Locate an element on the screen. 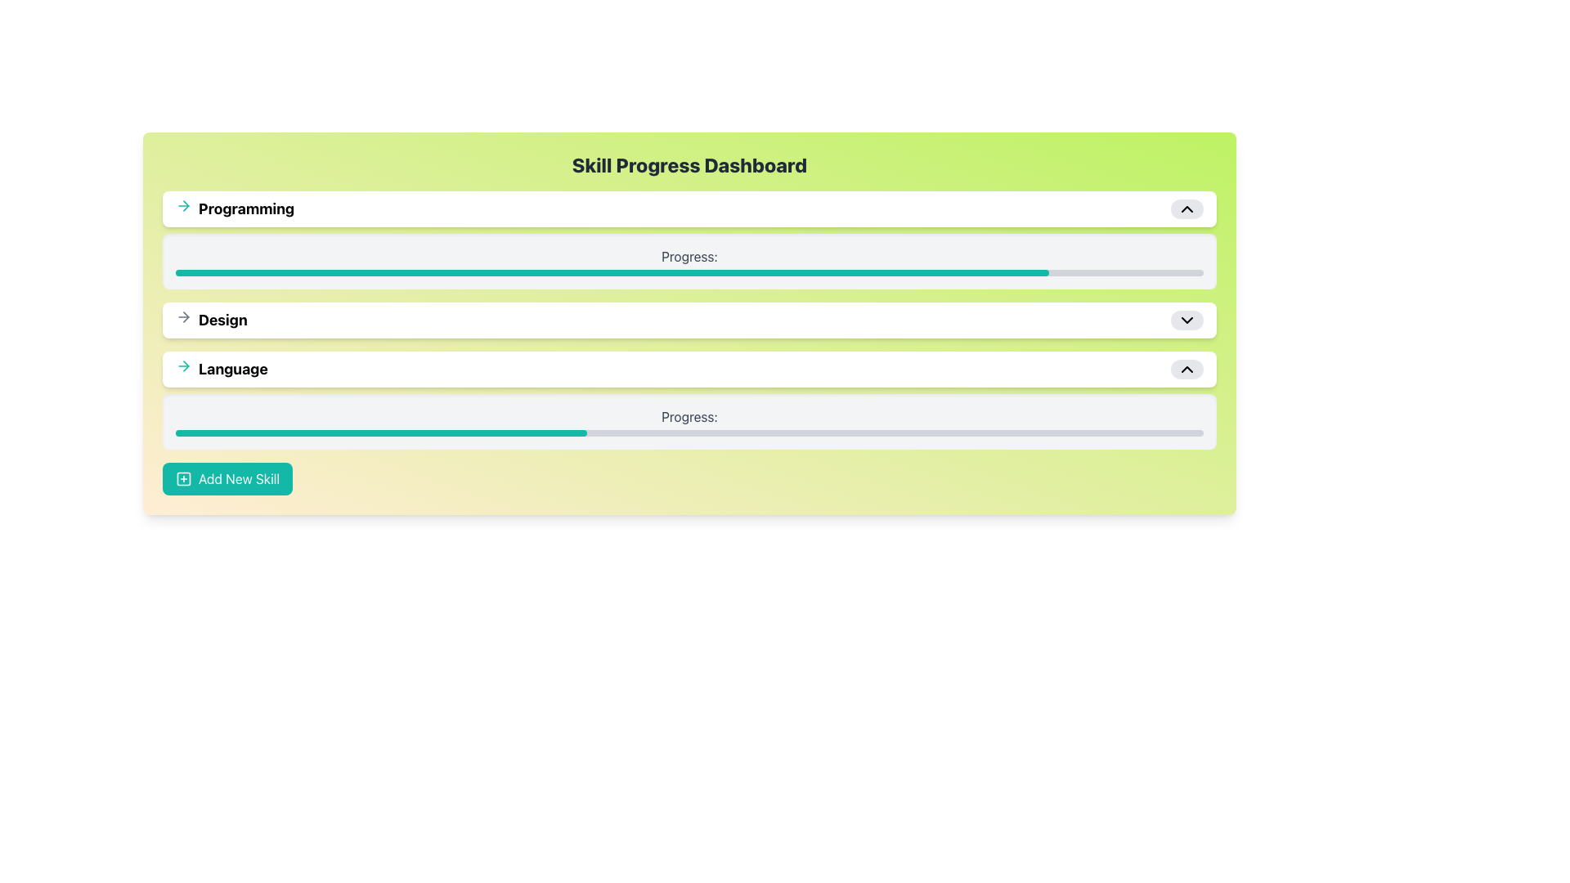  the small circular button with a gray background and a black chevron-up icon located at the far-right side of the 'Language' section header in the 'Skill Progress Dashboard' is located at coordinates (1186, 369).